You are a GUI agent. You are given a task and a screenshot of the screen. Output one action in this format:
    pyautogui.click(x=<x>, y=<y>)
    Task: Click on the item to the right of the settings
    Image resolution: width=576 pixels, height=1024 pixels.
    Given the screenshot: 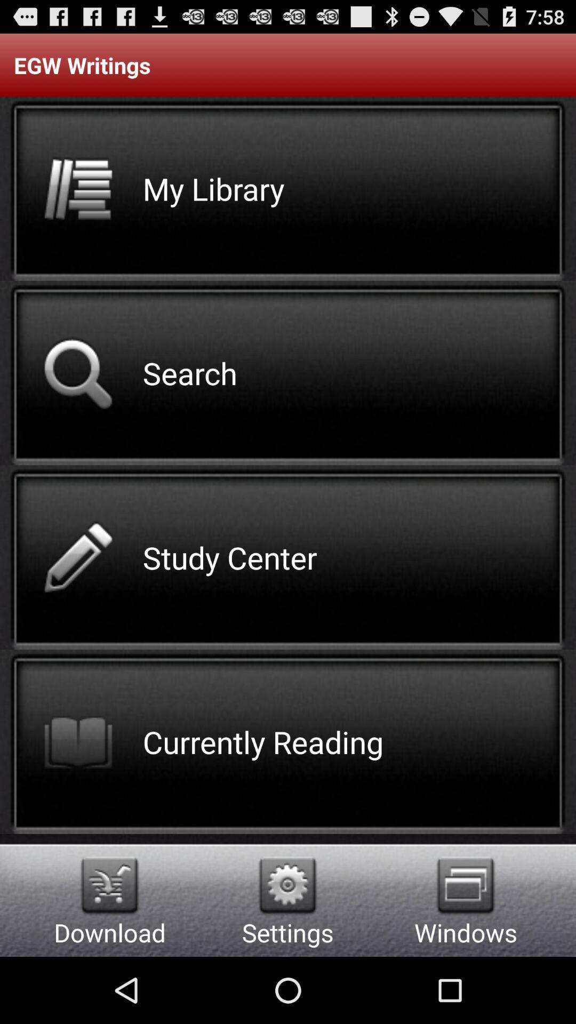 What is the action you would take?
    pyautogui.click(x=465, y=885)
    